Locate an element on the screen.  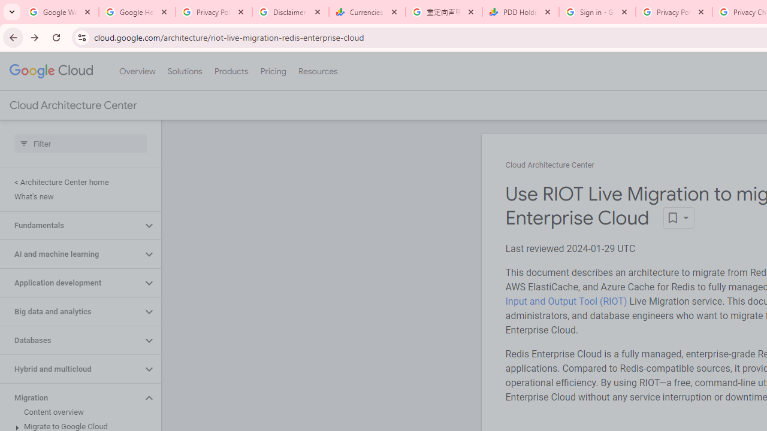
'Sign in - Google Accounts' is located at coordinates (597, 12).